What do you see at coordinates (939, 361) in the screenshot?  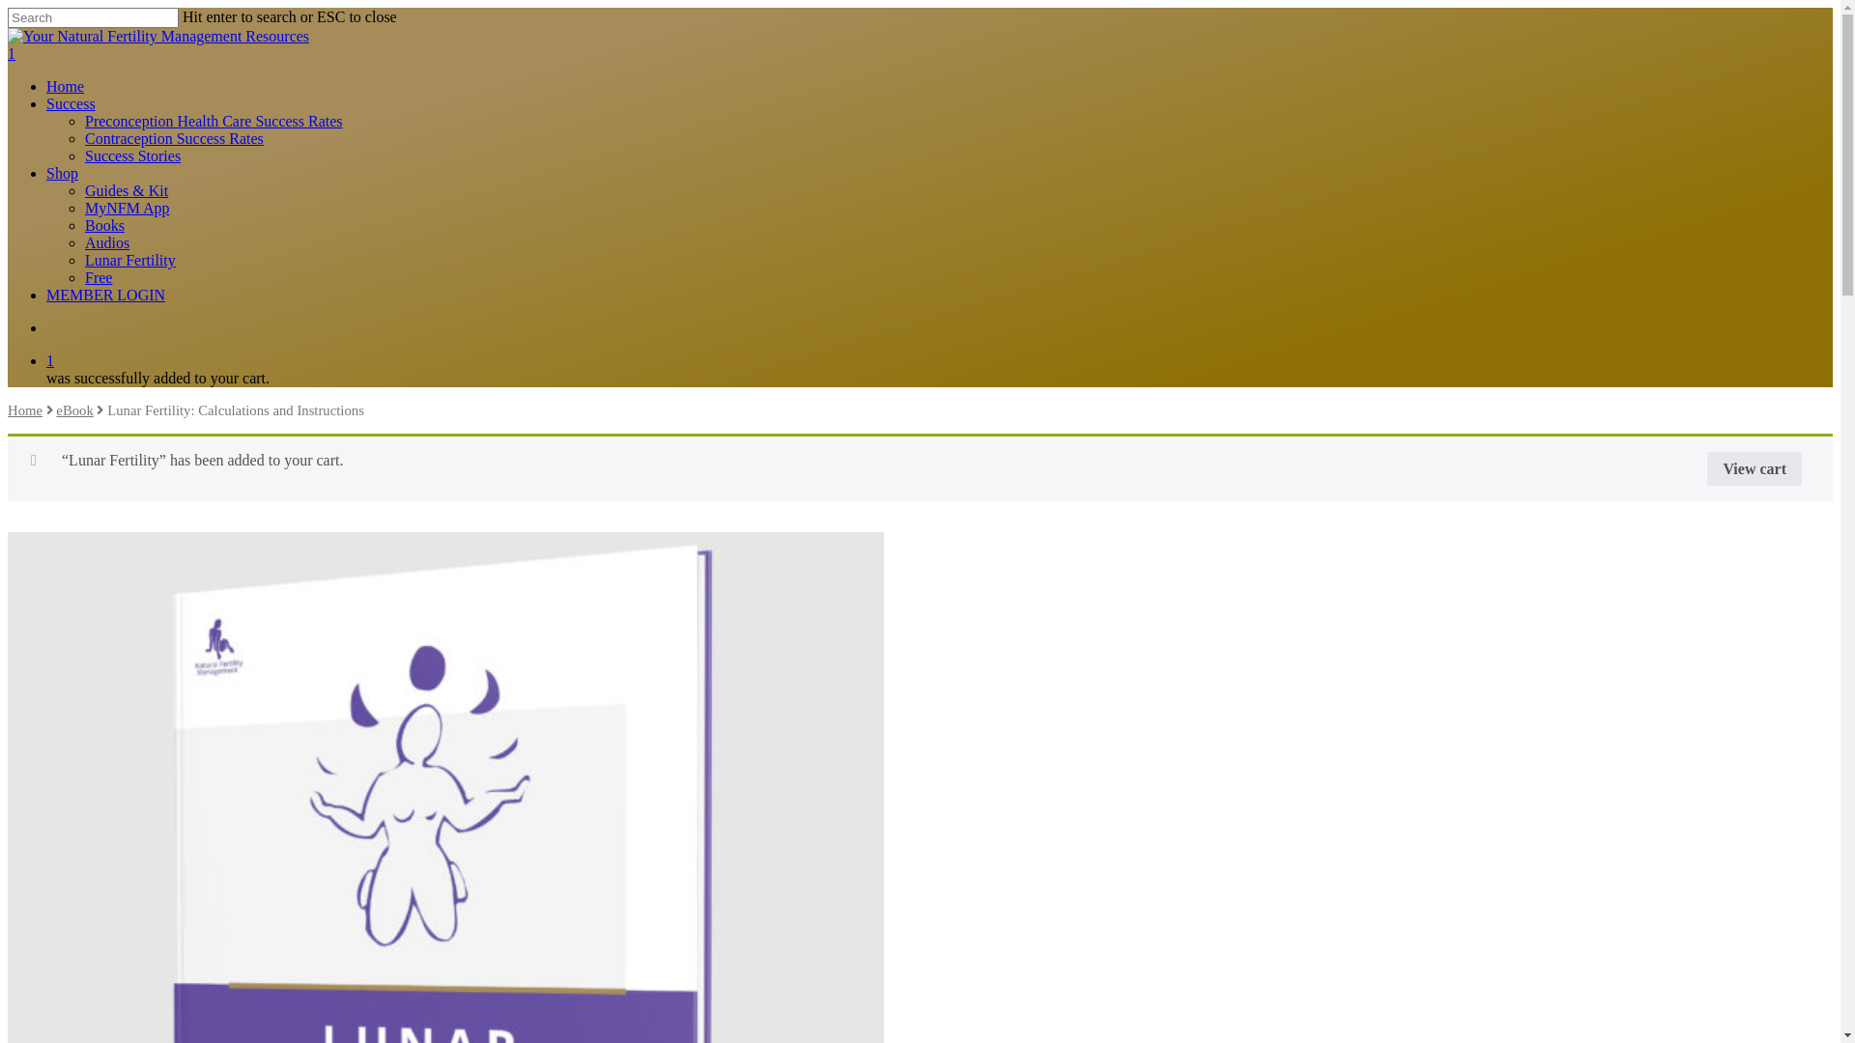 I see `'1'` at bounding box center [939, 361].